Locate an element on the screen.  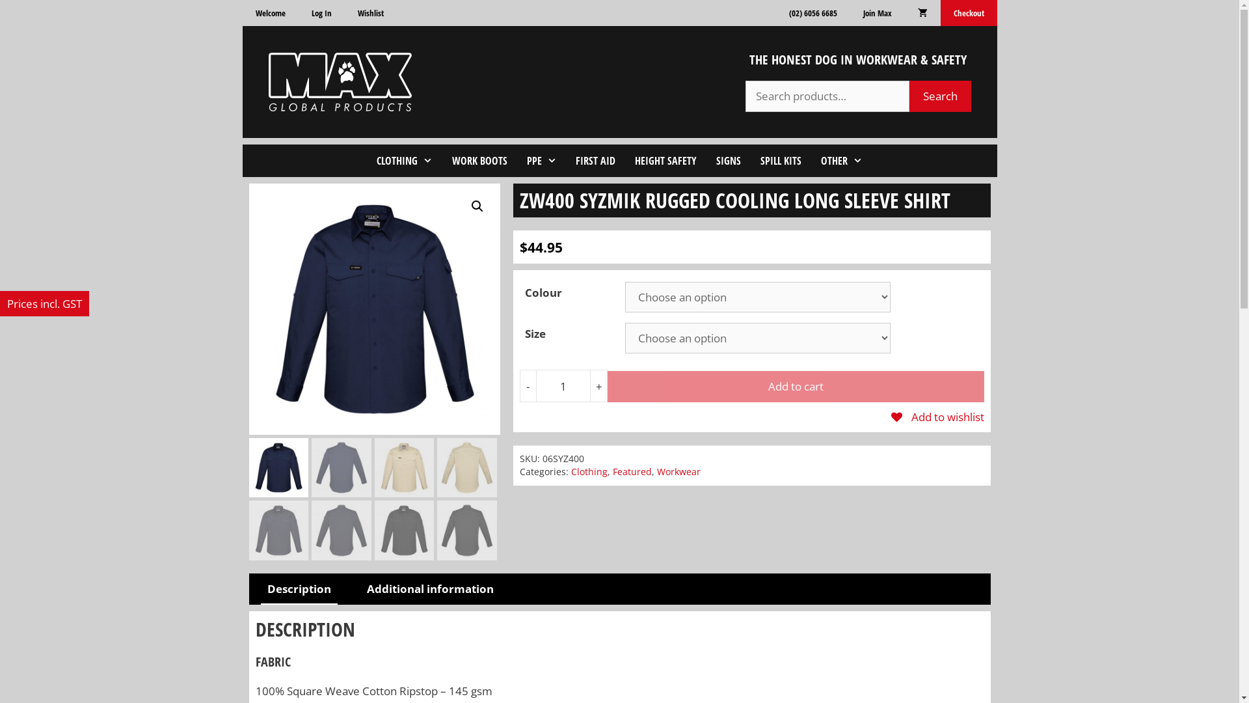
'Max Global Products' is located at coordinates (340, 82).